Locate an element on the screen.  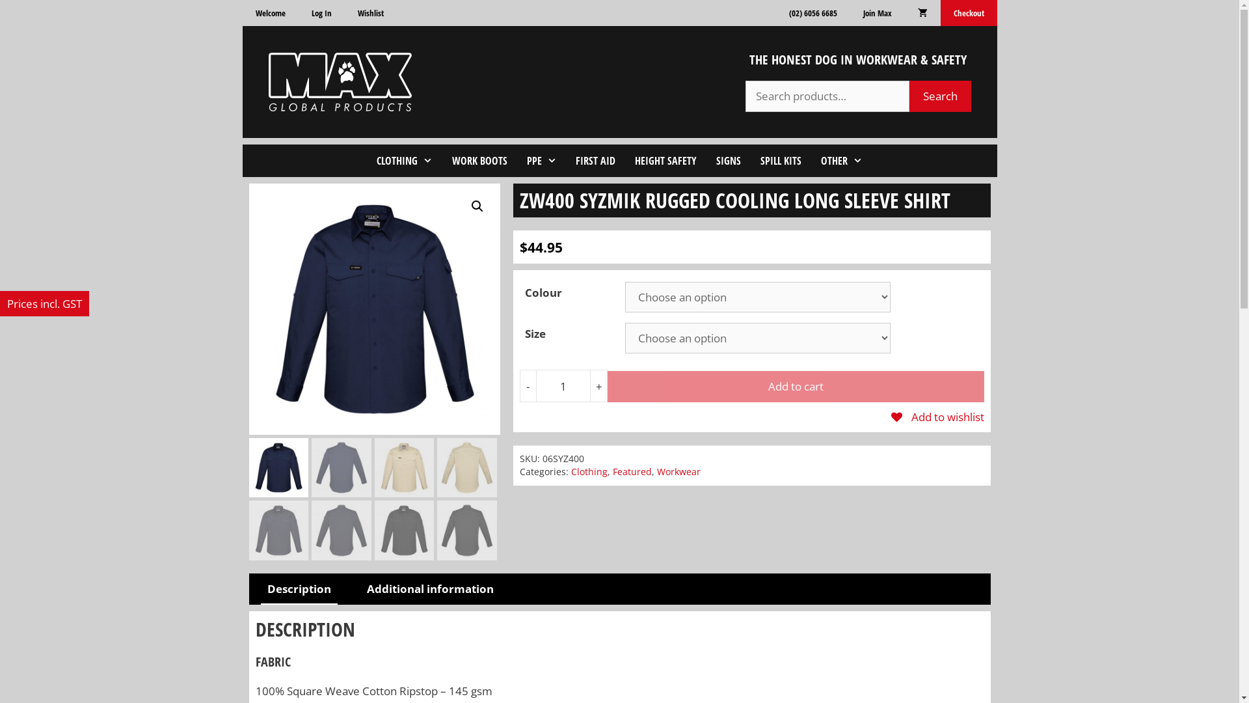
'Max Global Products' is located at coordinates (340, 82).